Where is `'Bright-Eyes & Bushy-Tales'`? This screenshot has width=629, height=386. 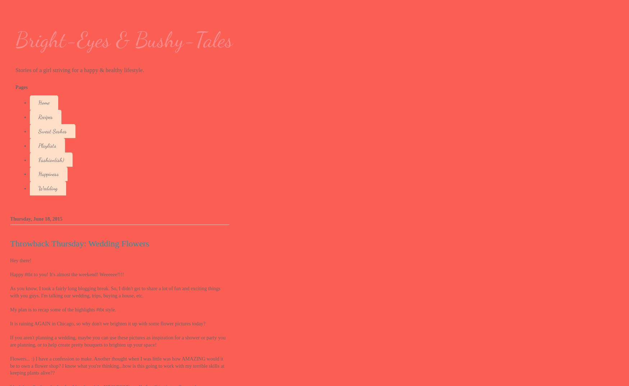 'Bright-Eyes & Bushy-Tales' is located at coordinates (124, 39).